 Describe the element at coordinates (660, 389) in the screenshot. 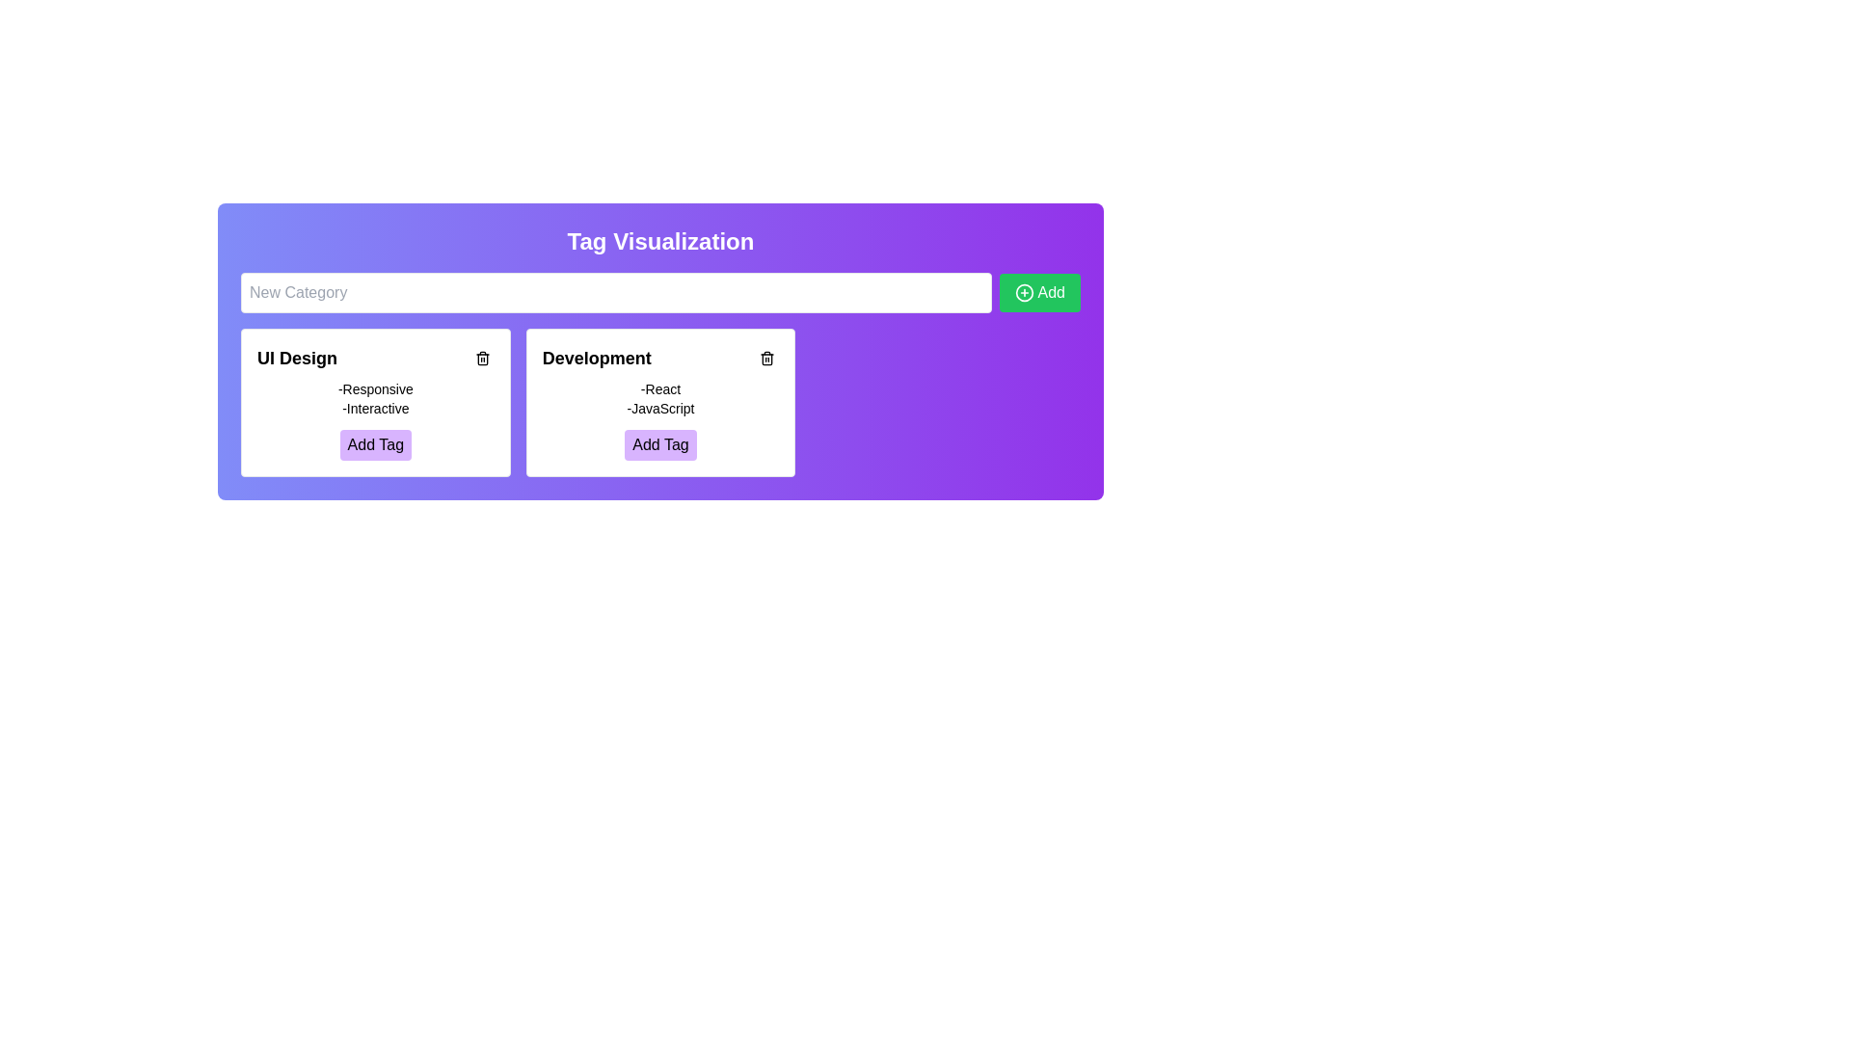

I see `the non-interactive text element that serves as a label for the 'Development' section, located within the card on the right side of the interface` at that location.